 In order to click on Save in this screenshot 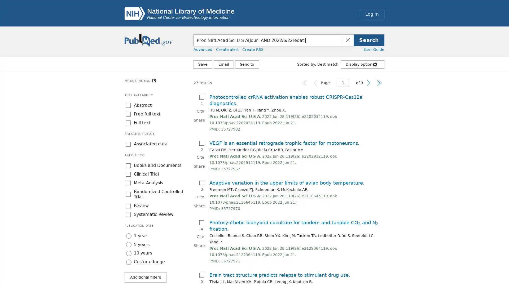, I will do `click(203, 64)`.